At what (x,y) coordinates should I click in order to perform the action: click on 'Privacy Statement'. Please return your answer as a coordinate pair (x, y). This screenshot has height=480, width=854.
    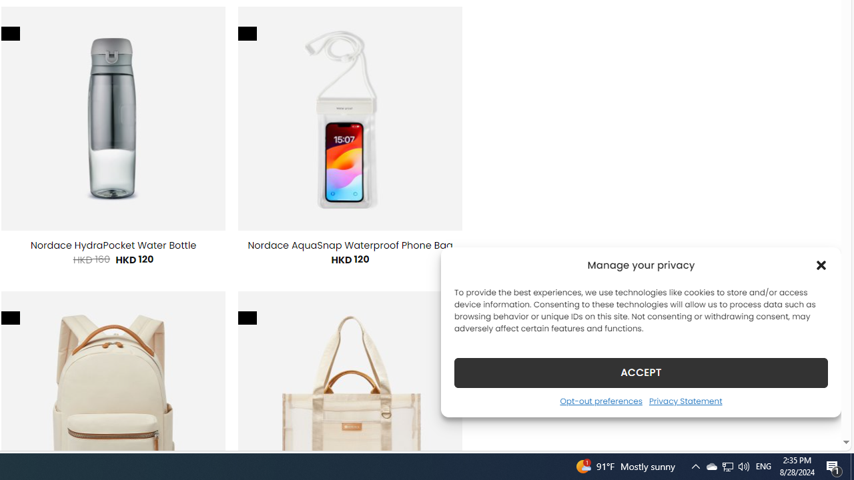
    Looking at the image, I should click on (685, 400).